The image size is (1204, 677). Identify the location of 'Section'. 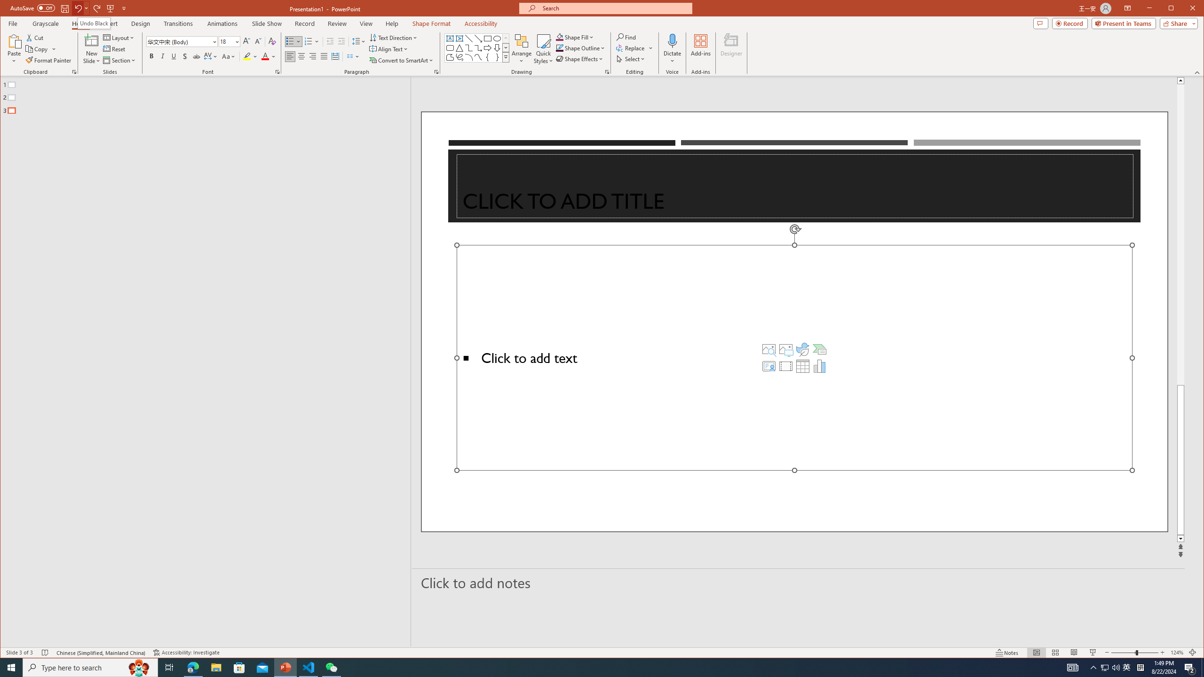
(119, 60).